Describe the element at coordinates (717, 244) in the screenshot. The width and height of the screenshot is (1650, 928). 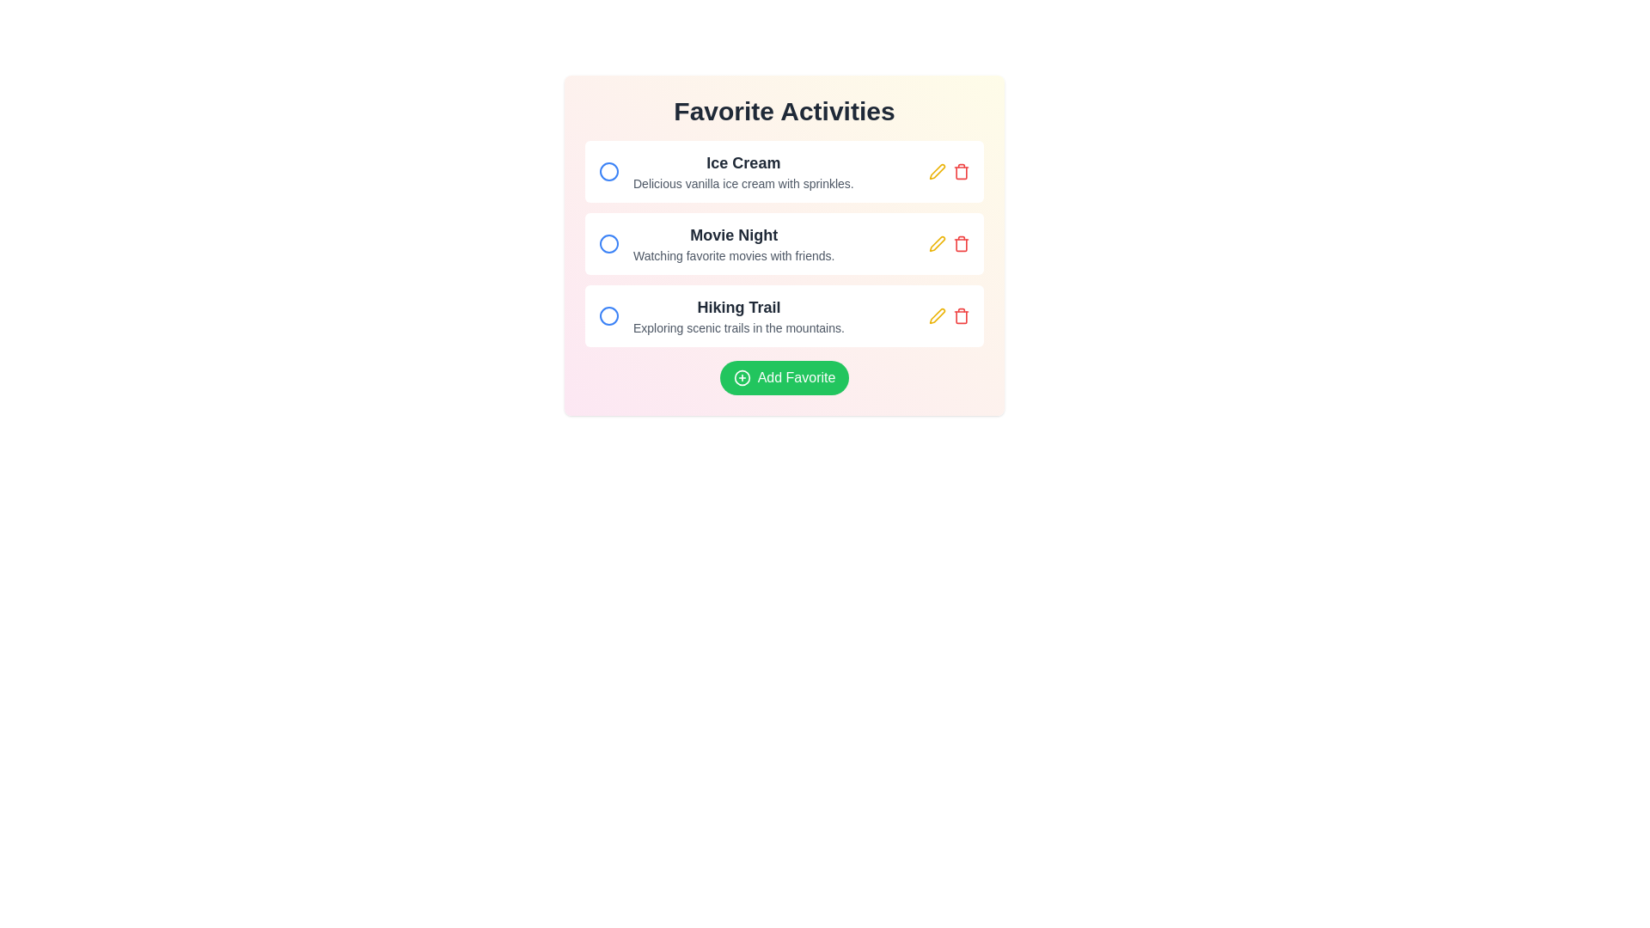
I see `the 'Movie Night' list item, which features a bold title and a description below it, positioned between 'Ice Cream' and 'Hiking Trail' in a vertical list` at that location.